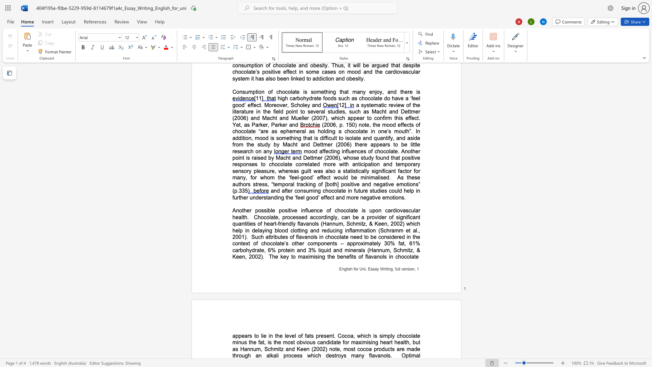 This screenshot has width=652, height=367. Describe the element at coordinates (402, 342) in the screenshot. I see `the 11th character "a" in the text` at that location.